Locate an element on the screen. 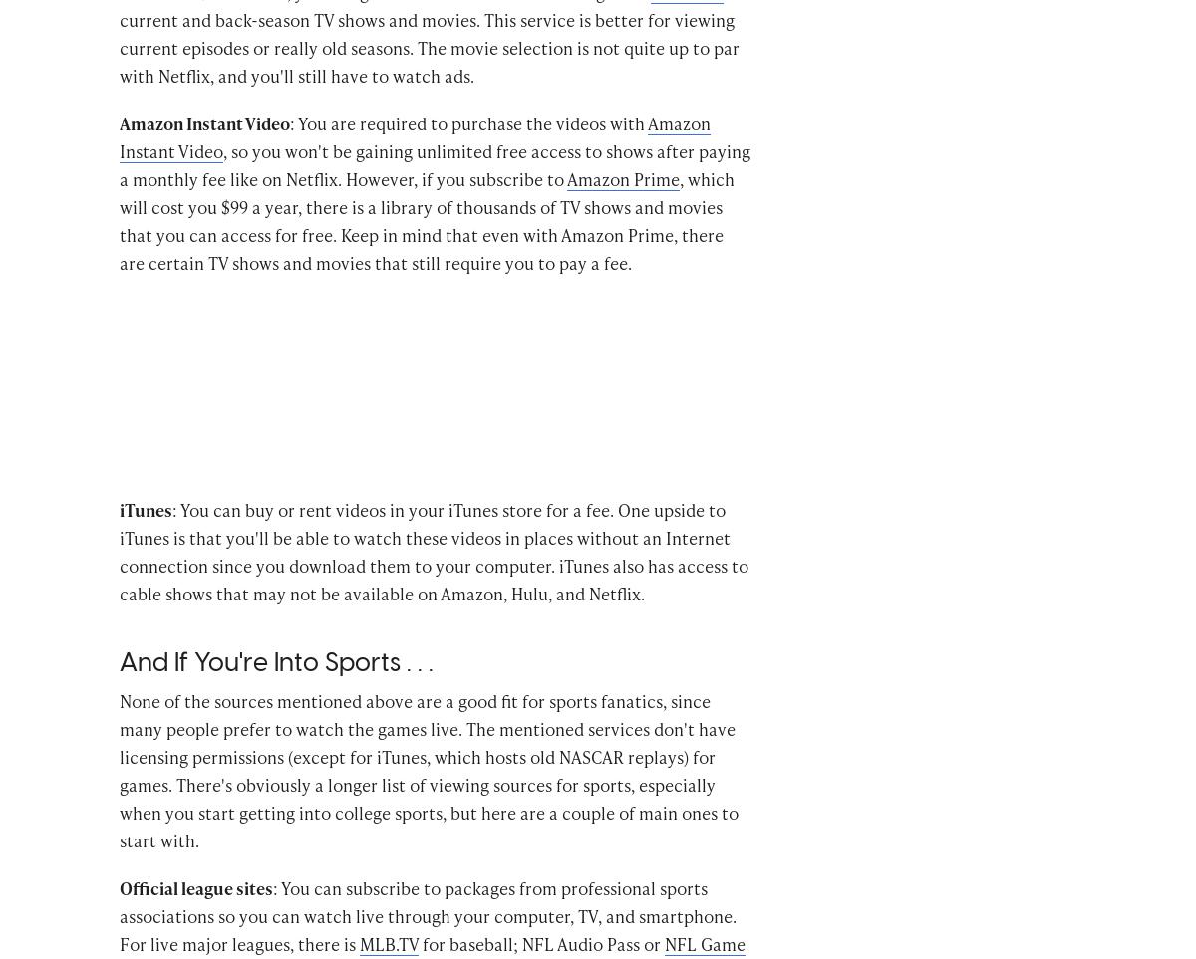 The image size is (1196, 959). ': You are required to purchase the videos with' is located at coordinates (467, 152).